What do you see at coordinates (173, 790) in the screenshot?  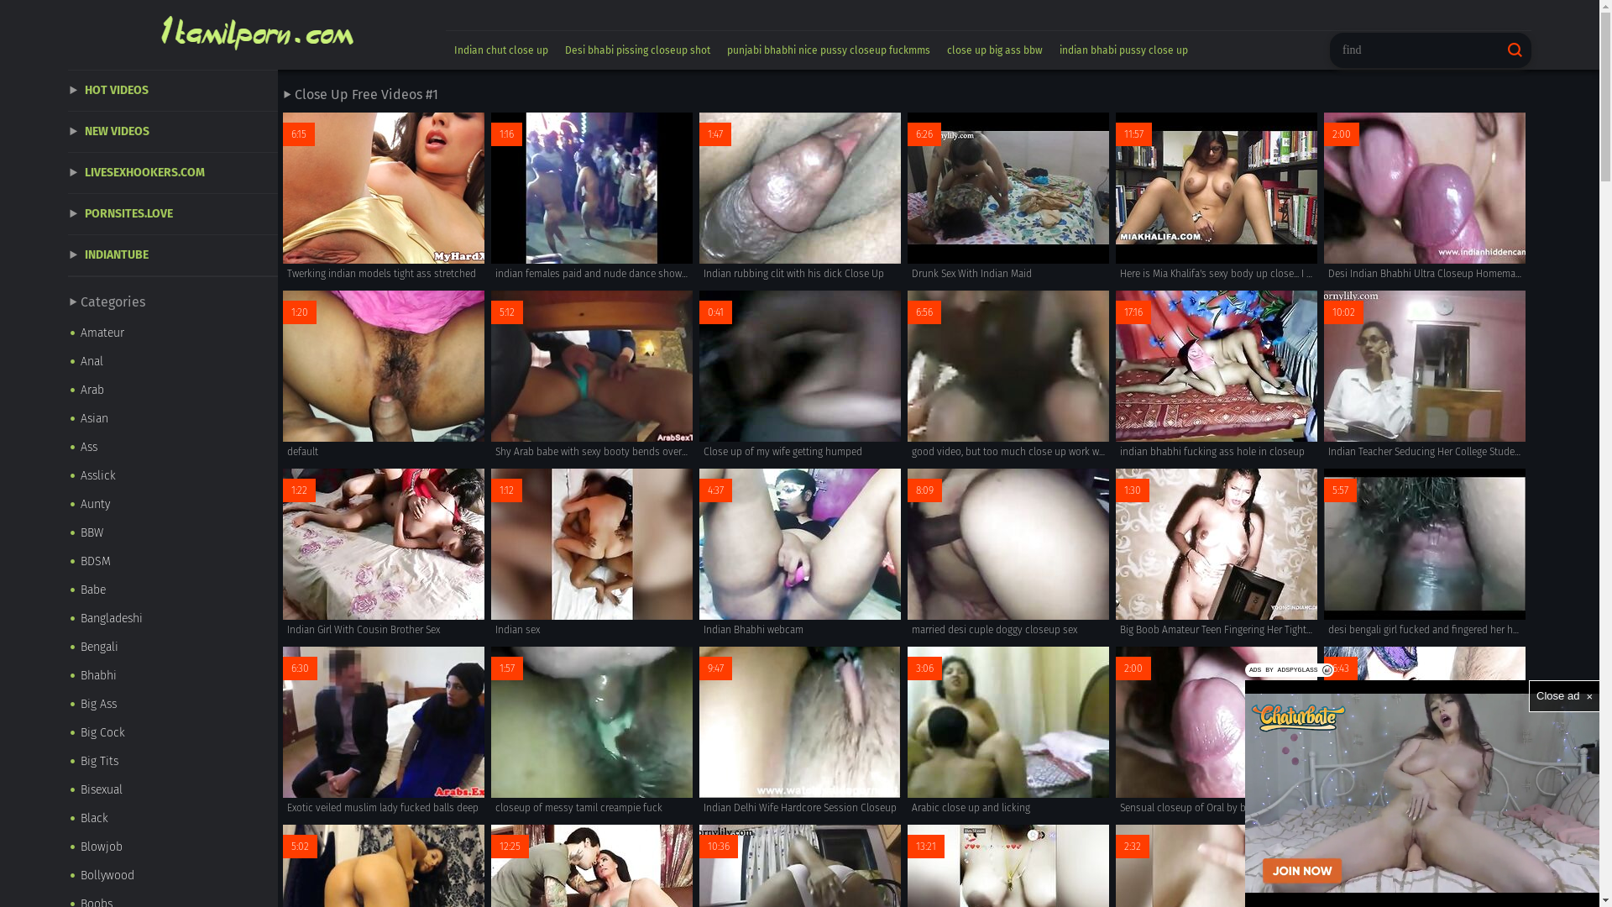 I see `'Bisexual'` at bounding box center [173, 790].